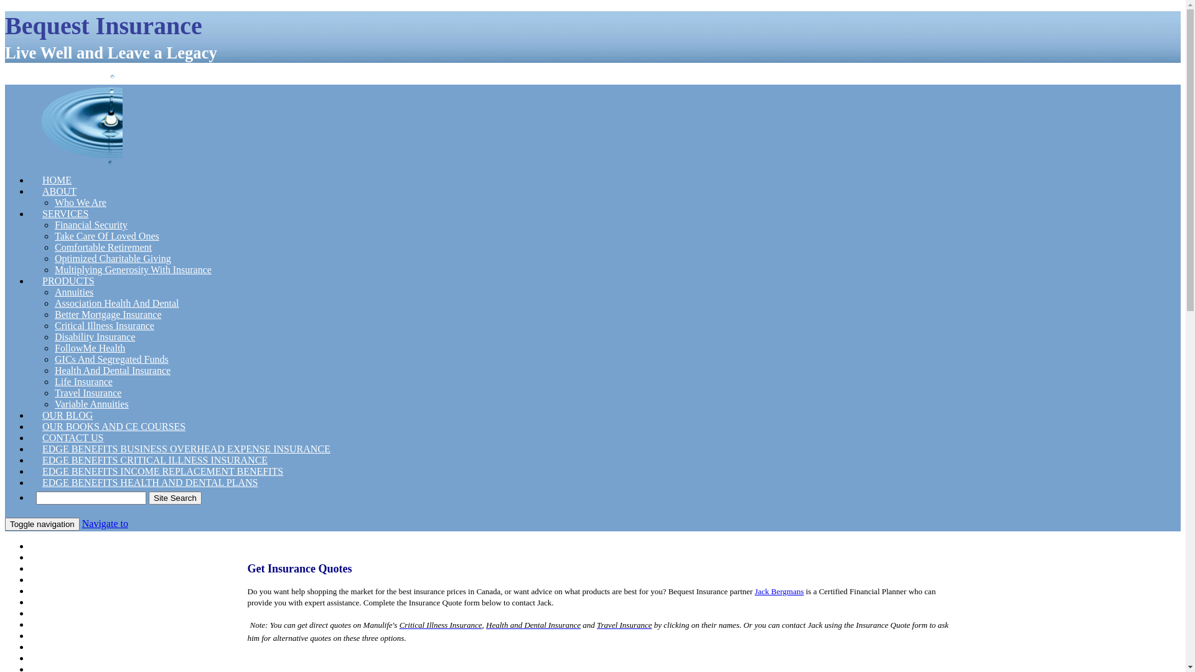 This screenshot has height=672, width=1195. What do you see at coordinates (54, 404) in the screenshot?
I see `'Variable Annuities'` at bounding box center [54, 404].